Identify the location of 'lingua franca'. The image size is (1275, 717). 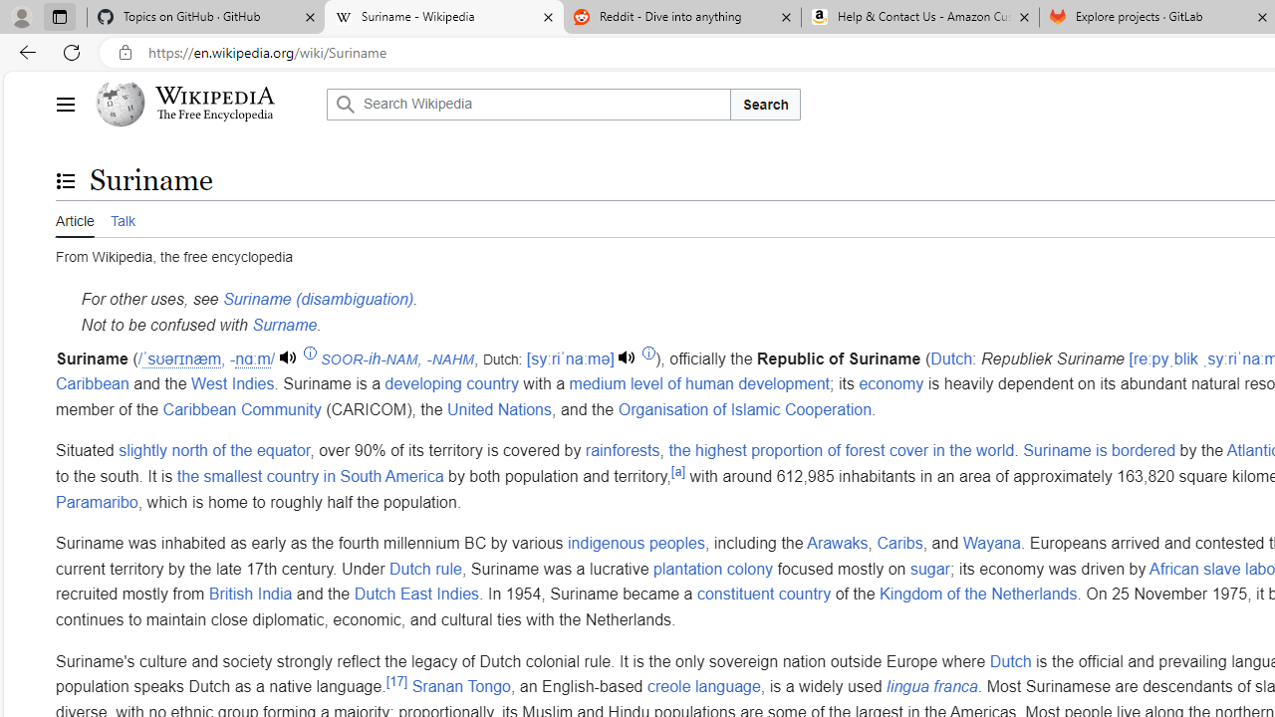
(930, 686).